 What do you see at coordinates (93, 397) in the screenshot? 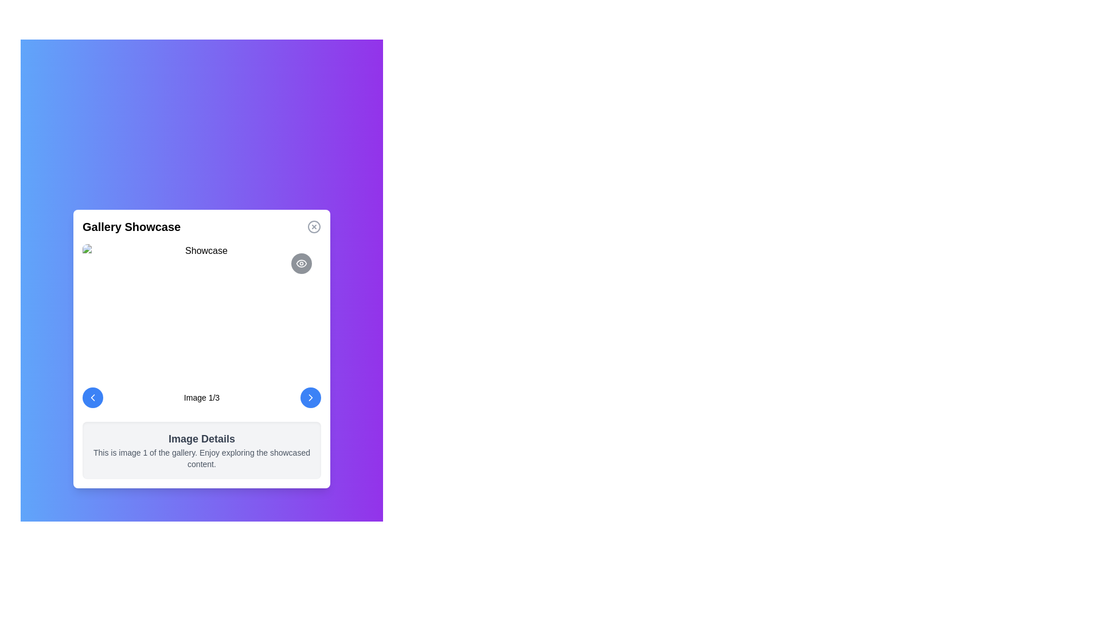
I see `the chevron-shaped icon inside the circular button located in the bottom-left corner of the modal interface` at bounding box center [93, 397].